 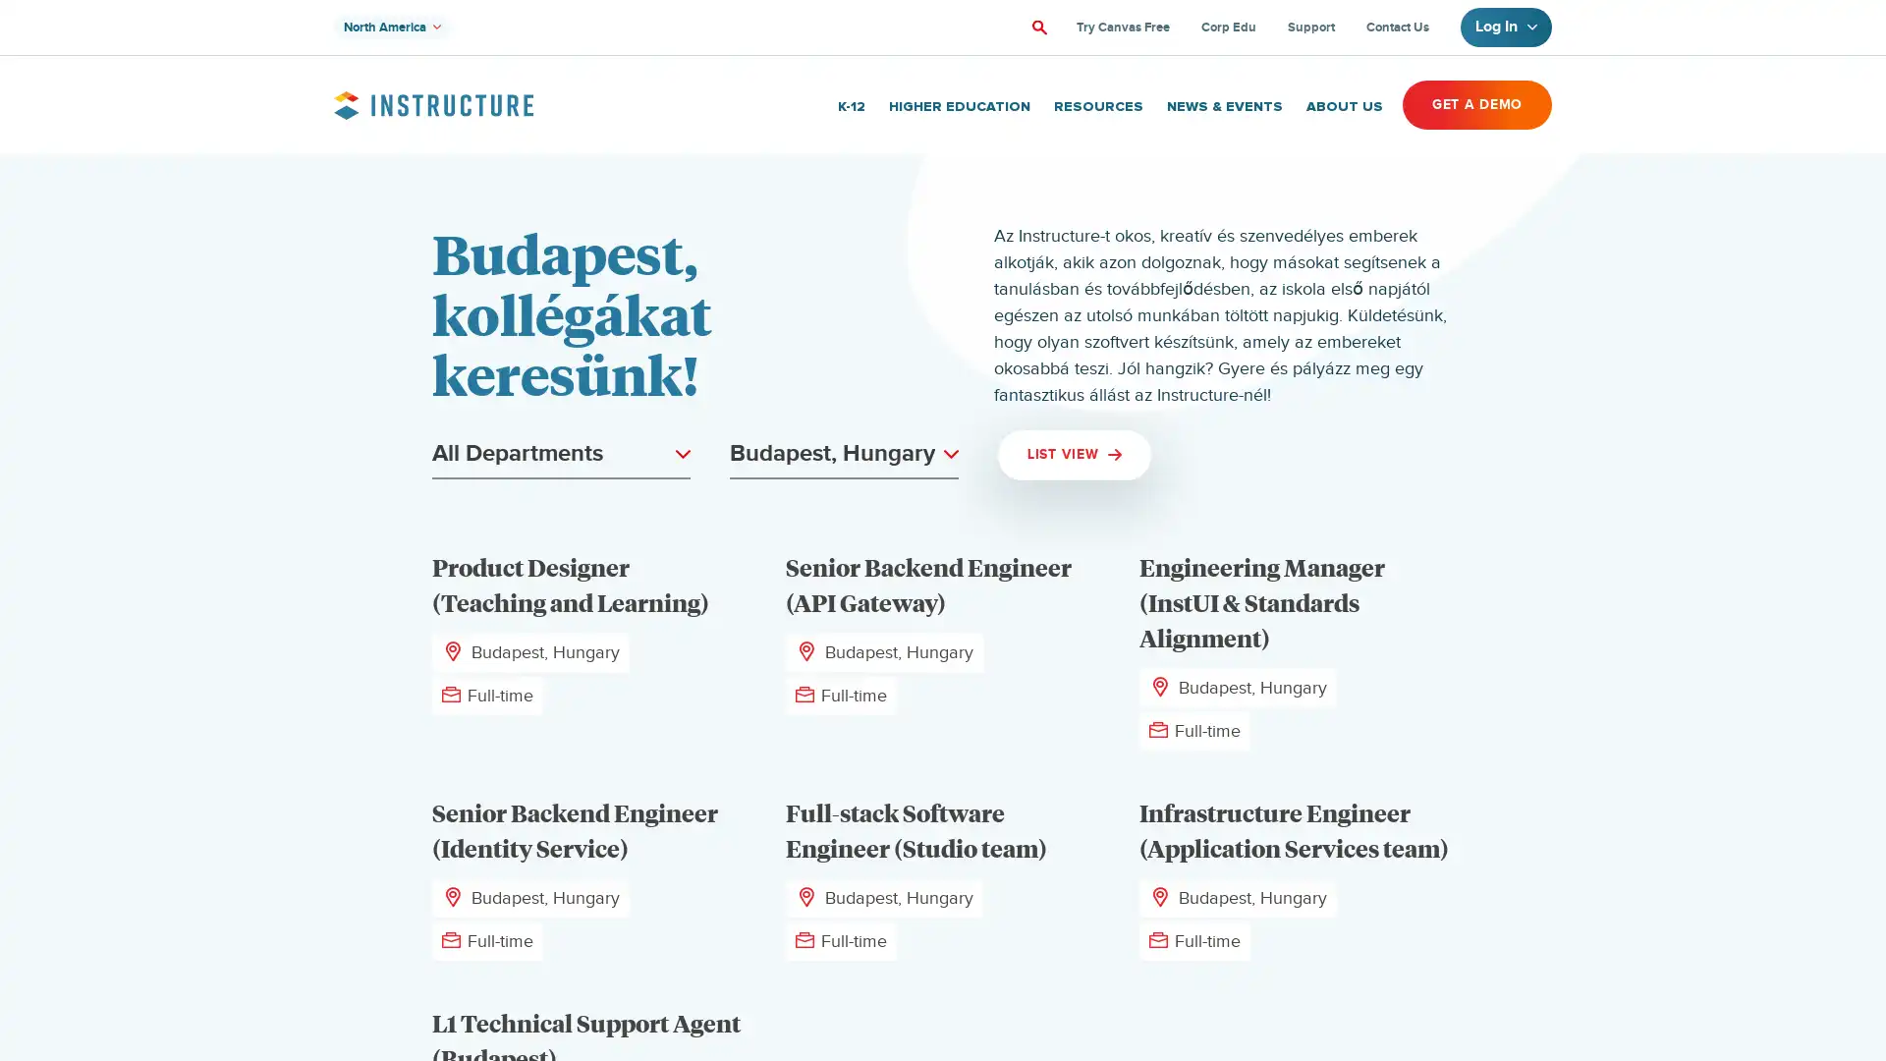 I want to click on I Accept, so click(x=199, y=931).